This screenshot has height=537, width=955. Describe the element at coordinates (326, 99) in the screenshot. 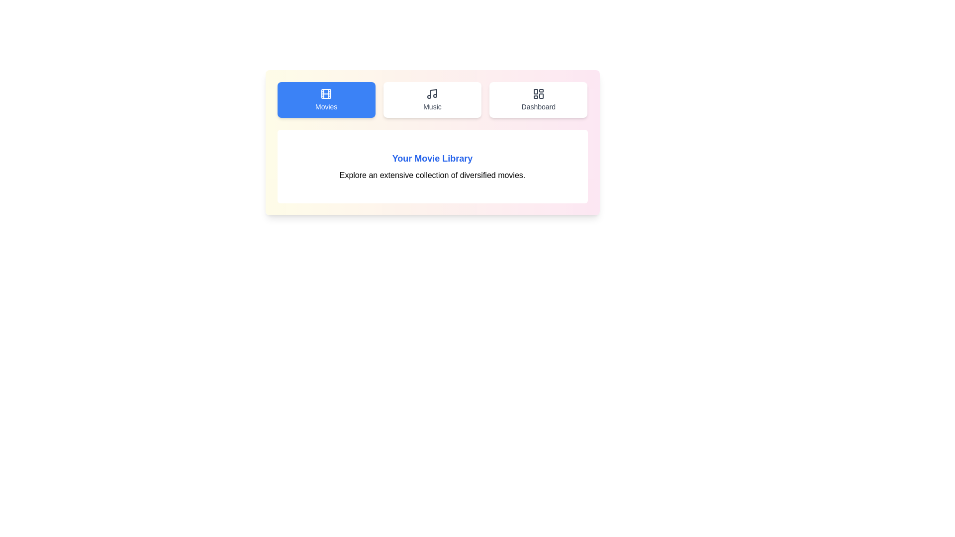

I see `the Movies tab by clicking on its button` at that location.